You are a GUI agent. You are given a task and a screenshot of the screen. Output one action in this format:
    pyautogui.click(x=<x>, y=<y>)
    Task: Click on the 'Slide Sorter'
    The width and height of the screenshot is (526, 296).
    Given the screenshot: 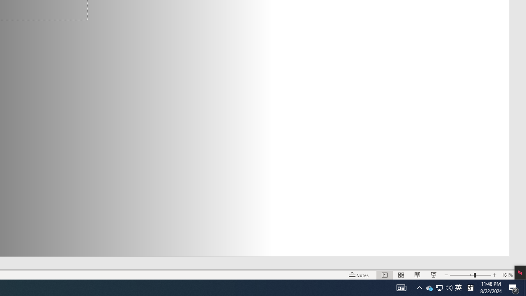 What is the action you would take?
    pyautogui.click(x=401, y=275)
    